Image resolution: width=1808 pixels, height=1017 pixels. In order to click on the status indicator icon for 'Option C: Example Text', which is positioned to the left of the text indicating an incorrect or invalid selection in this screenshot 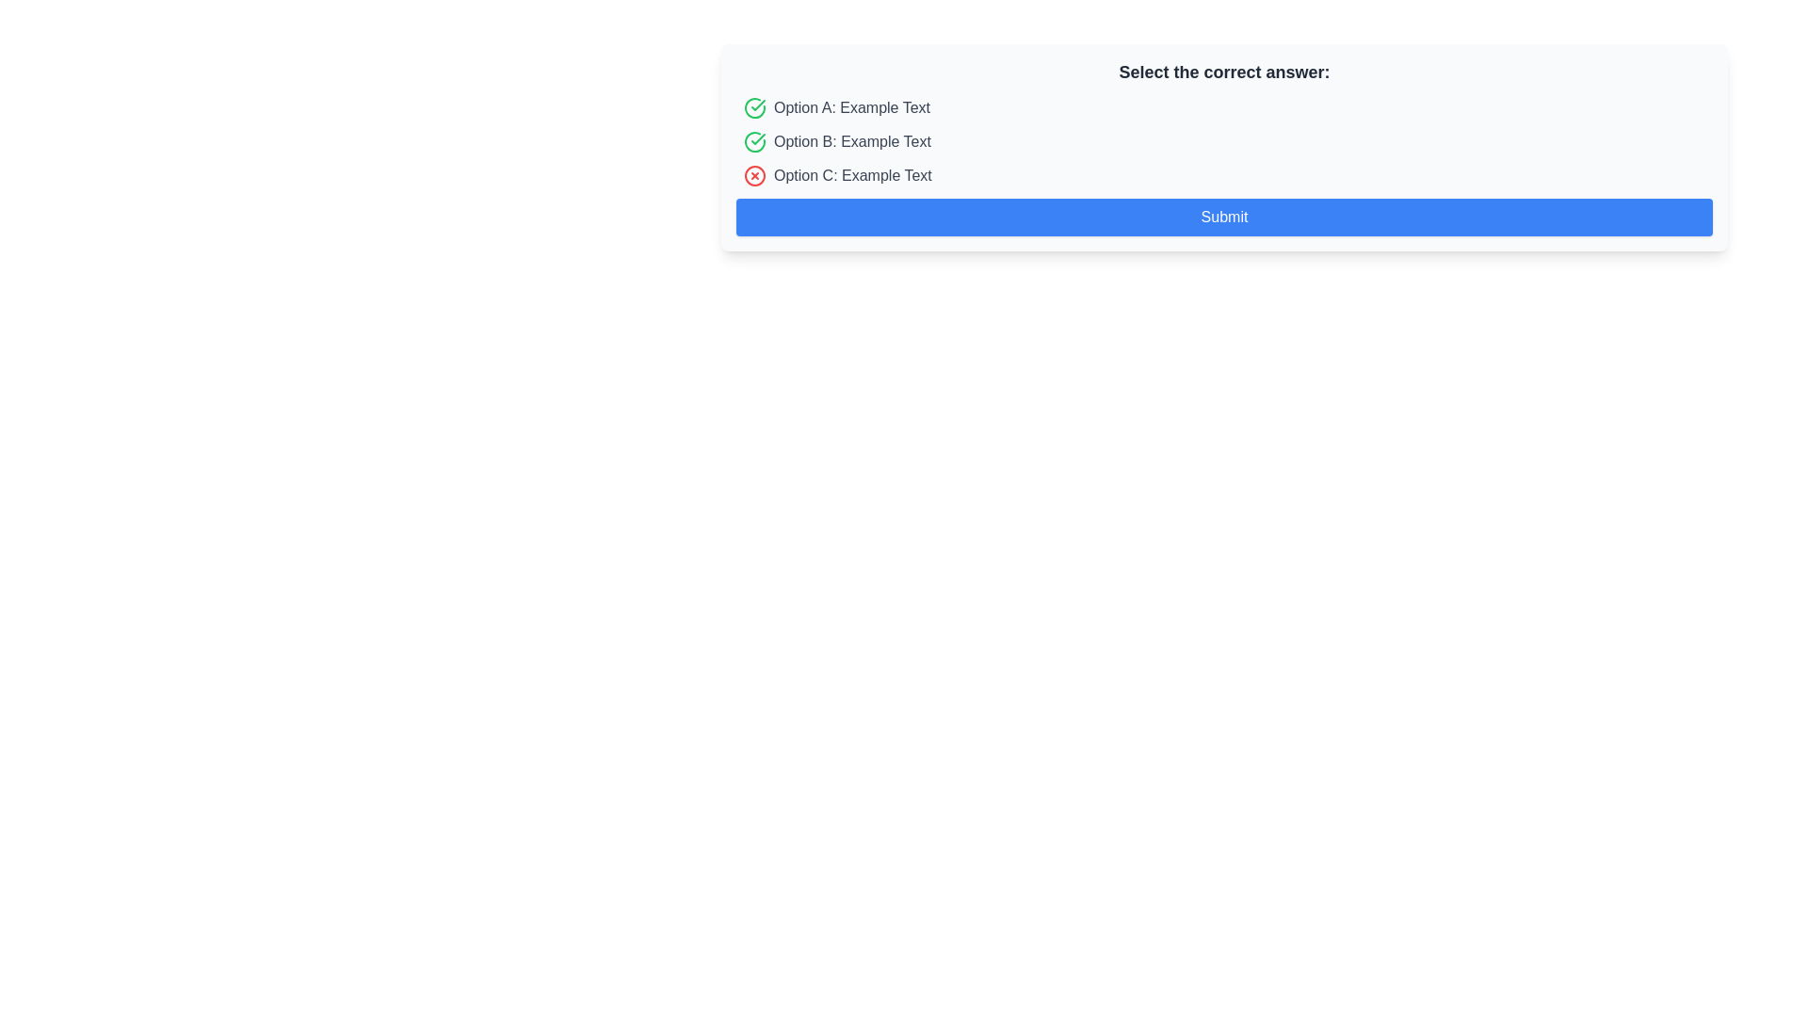, I will do `click(754, 175)`.